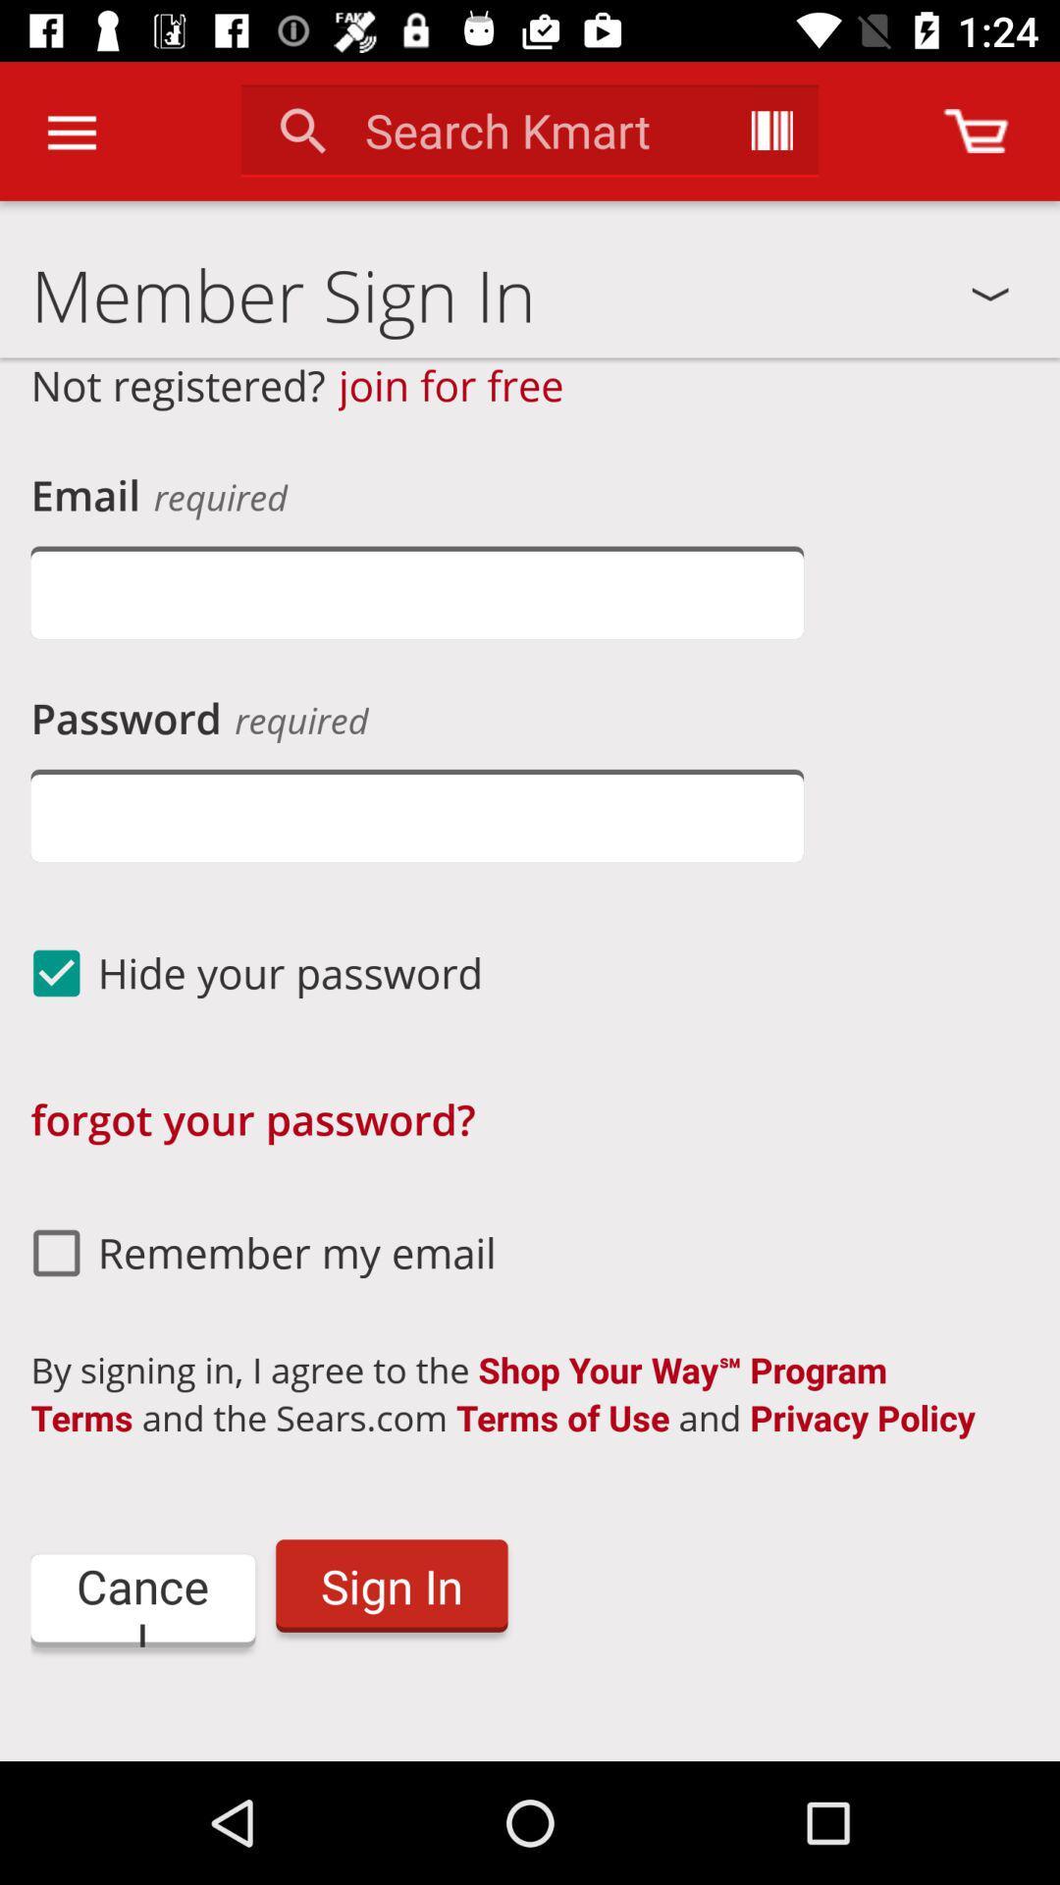 The width and height of the screenshot is (1060, 1885). Describe the element at coordinates (416, 815) in the screenshot. I see `icon below the password item` at that location.